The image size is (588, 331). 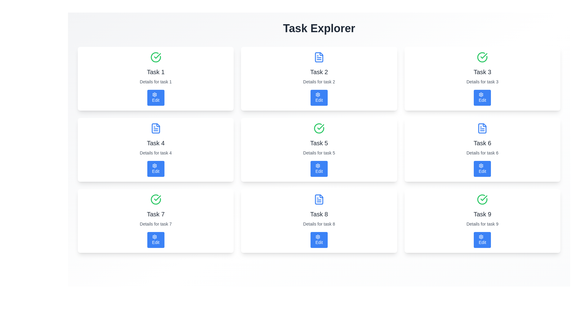 I want to click on the button located at the bottom middle section of the 'Task 6' card, so click(x=482, y=169).